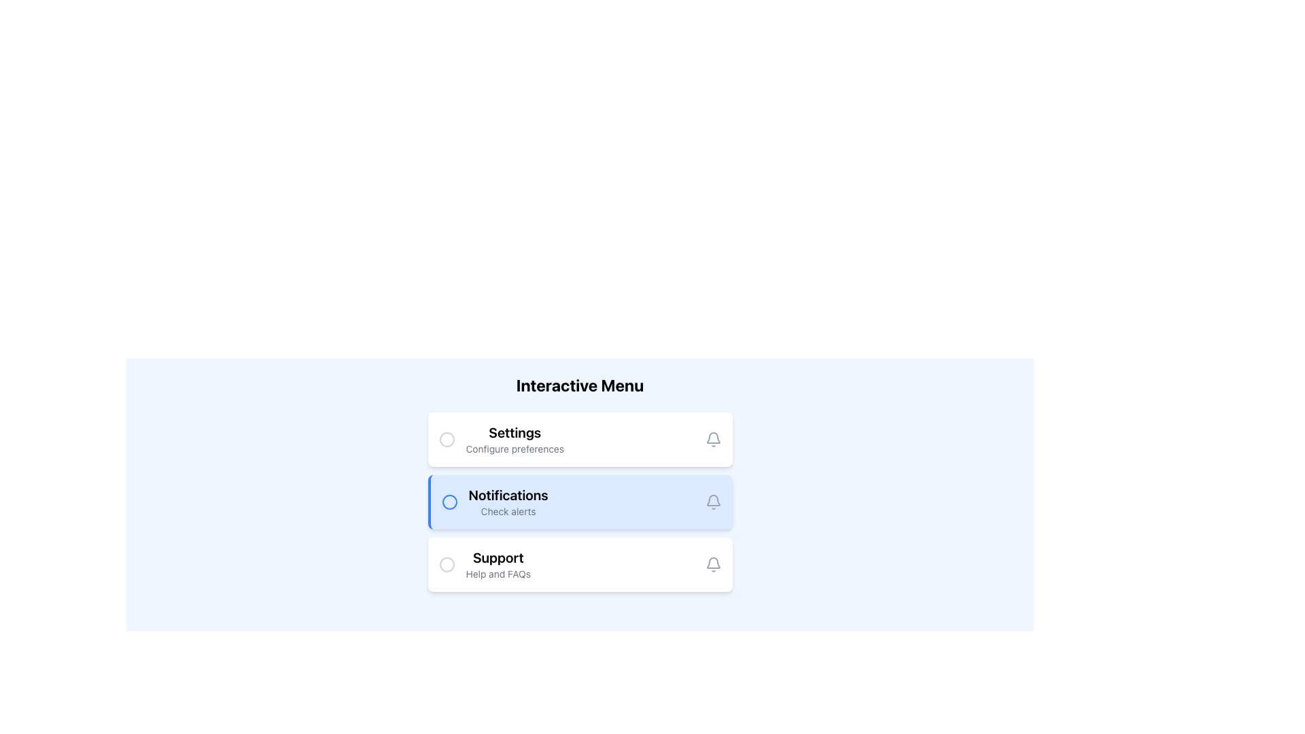 Image resolution: width=1305 pixels, height=734 pixels. I want to click on the notification icon located on the right side of the 'Notifications' menu item in the interactive menu, so click(712, 563).